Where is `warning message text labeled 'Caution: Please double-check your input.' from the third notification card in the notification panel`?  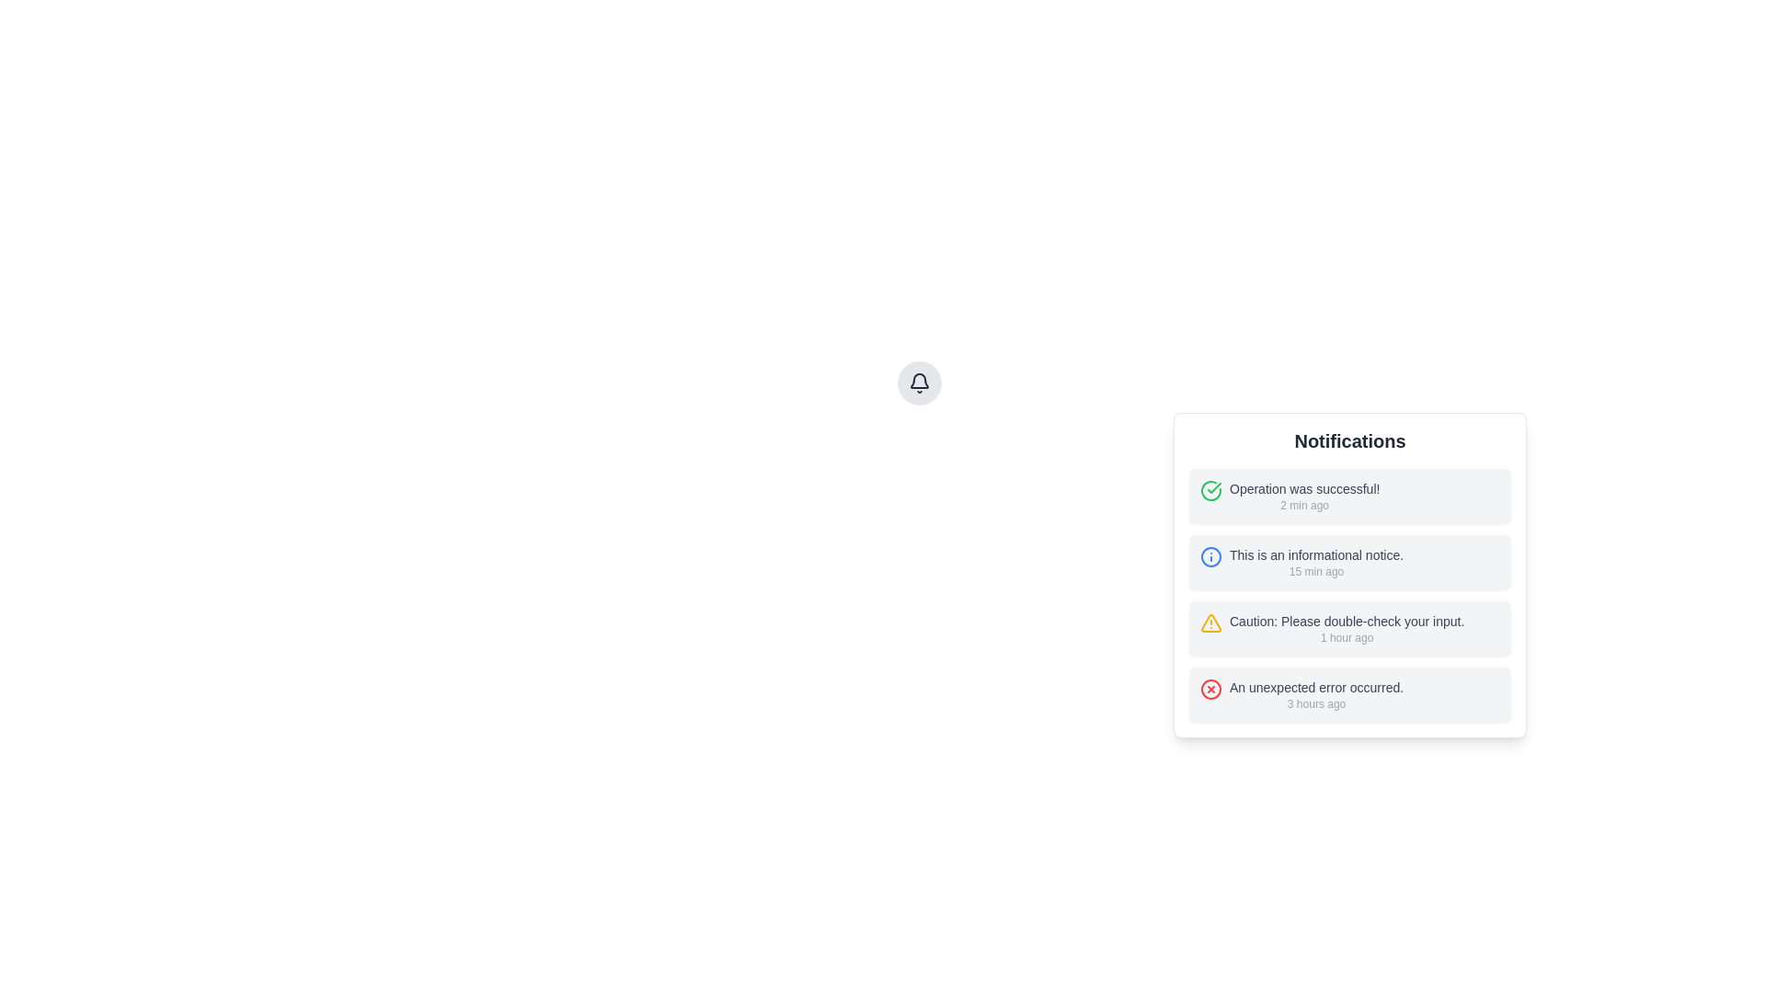
warning message text labeled 'Caution: Please double-check your input.' from the third notification card in the notification panel is located at coordinates (1347, 621).